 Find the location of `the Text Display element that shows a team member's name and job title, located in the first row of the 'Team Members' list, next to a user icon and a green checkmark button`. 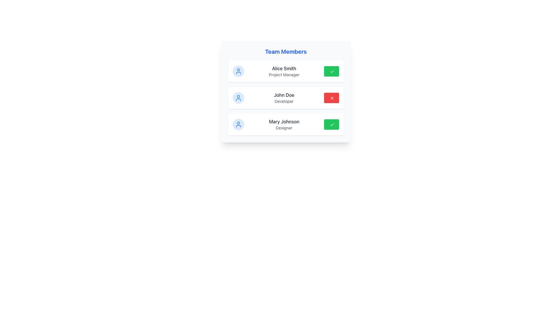

the Text Display element that shows a team member's name and job title, located in the first row of the 'Team Members' list, next to a user icon and a green checkmark button is located at coordinates (284, 71).